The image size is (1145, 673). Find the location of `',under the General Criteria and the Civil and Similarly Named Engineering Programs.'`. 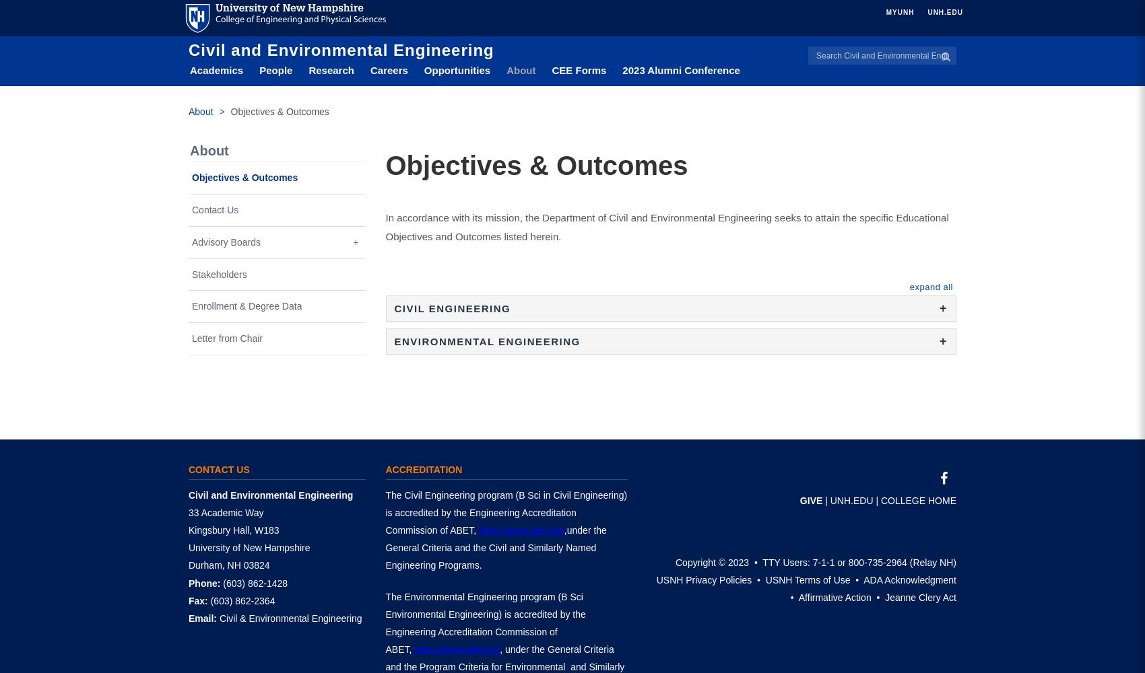

',under the General Criteria and the Civil and Similarly Named Engineering Programs.' is located at coordinates (495, 547).